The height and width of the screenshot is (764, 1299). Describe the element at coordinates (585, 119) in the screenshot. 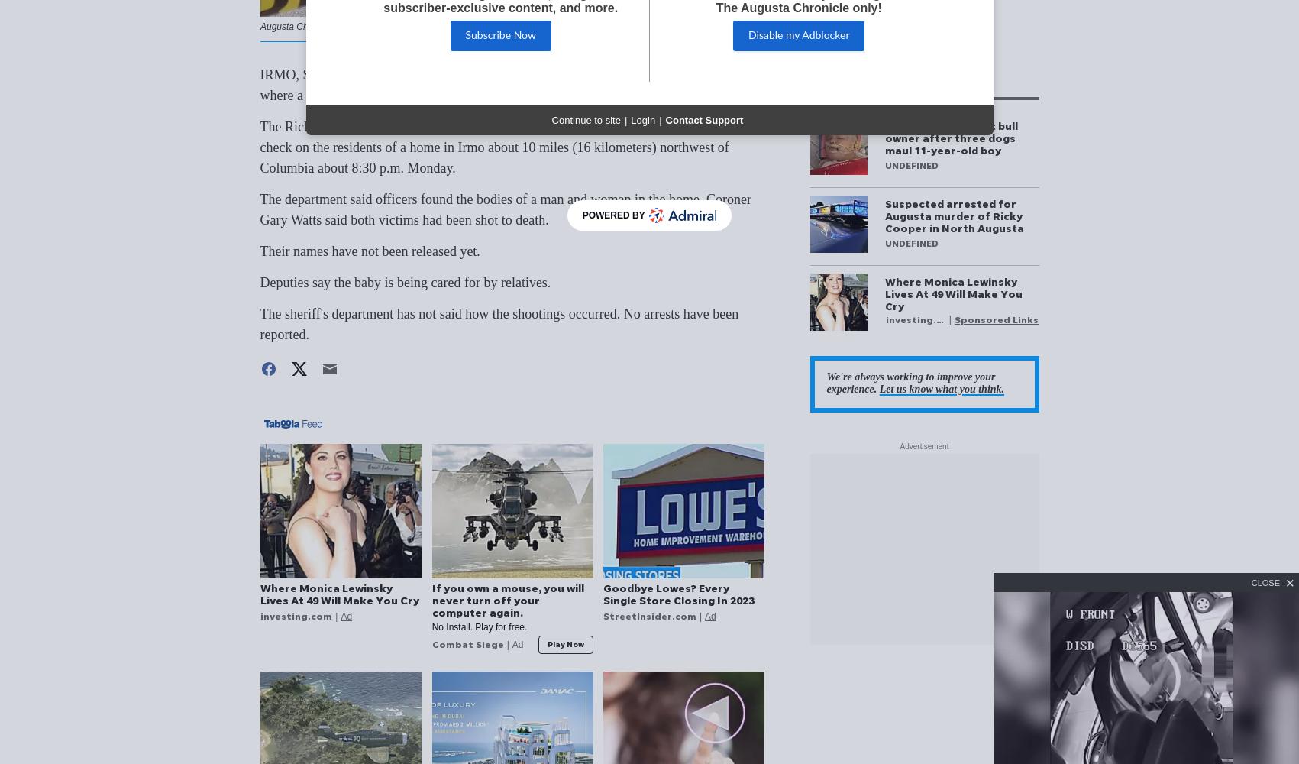

I see `'Continue to site'` at that location.